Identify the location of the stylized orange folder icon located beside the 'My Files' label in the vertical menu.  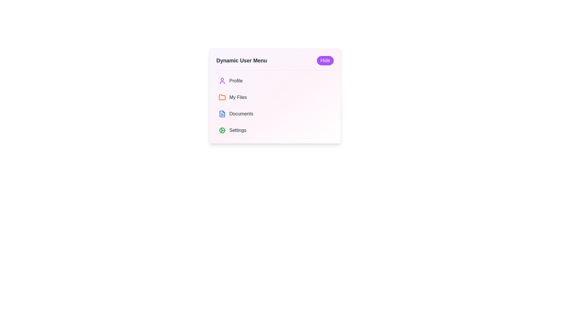
(222, 97).